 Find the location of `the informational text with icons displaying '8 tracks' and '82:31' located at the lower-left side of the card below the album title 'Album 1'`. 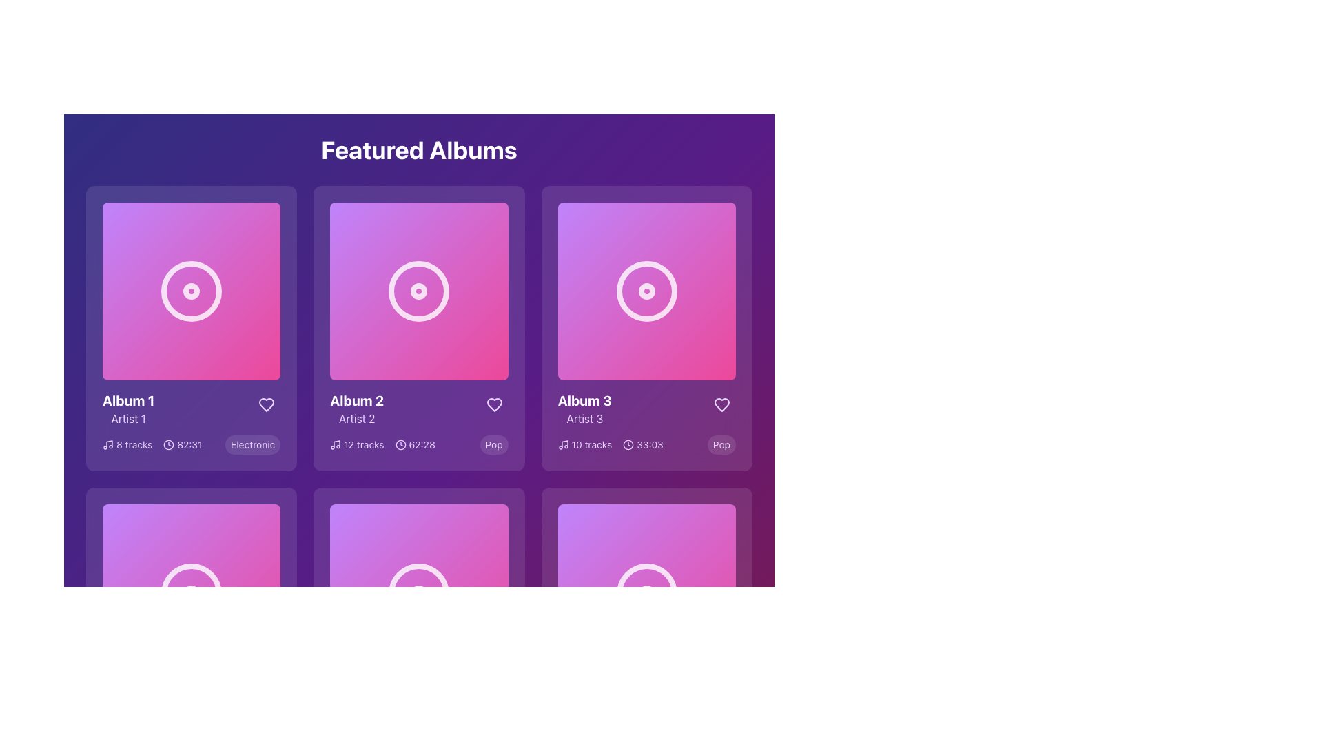

the informational text with icons displaying '8 tracks' and '82:31' located at the lower-left side of the card below the album title 'Album 1' is located at coordinates (152, 445).